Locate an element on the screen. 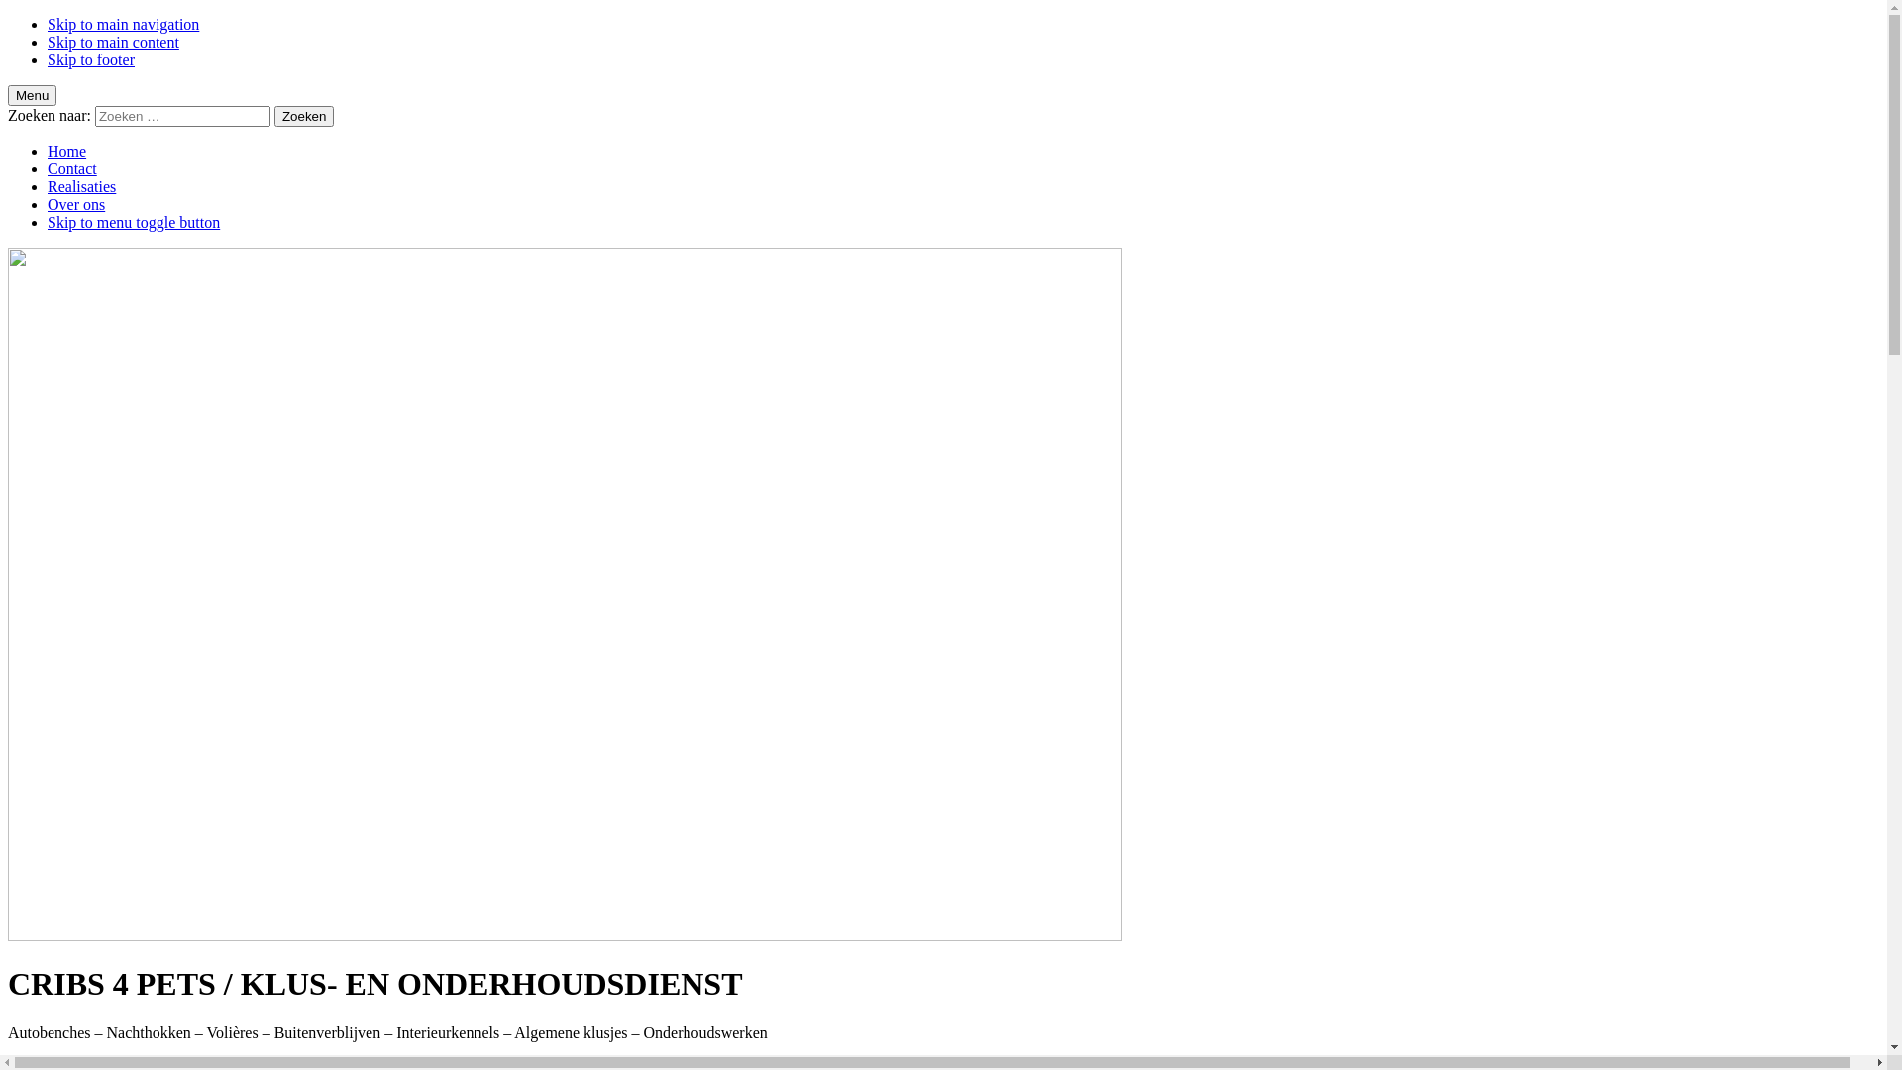 The image size is (1902, 1070). 'Home' is located at coordinates (66, 150).